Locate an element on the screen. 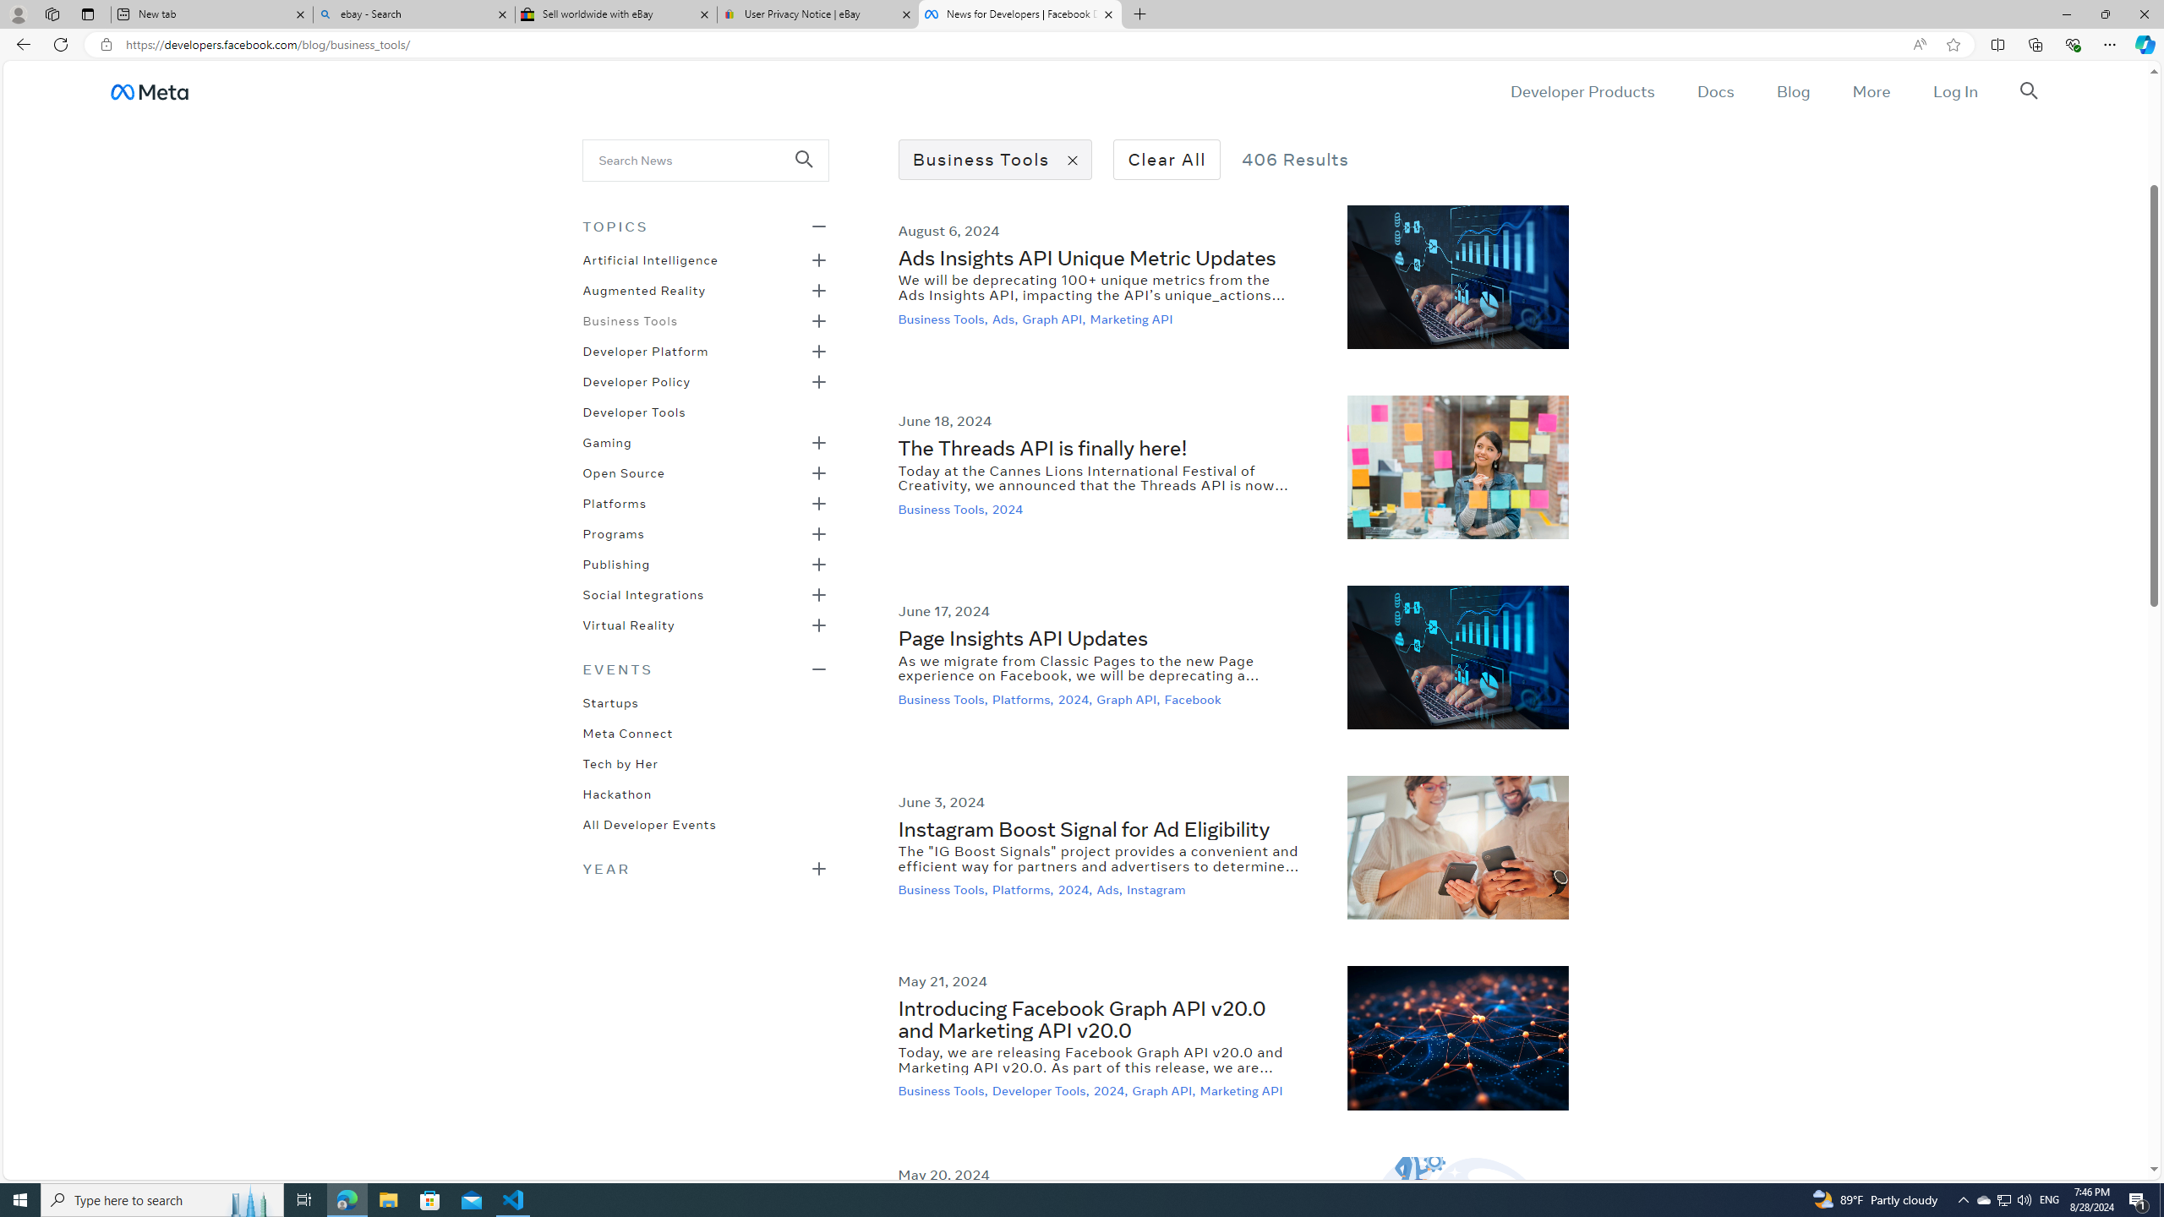 Image resolution: width=2164 pixels, height=1217 pixels. 'Settings and more (Alt+F)' is located at coordinates (2109, 43).